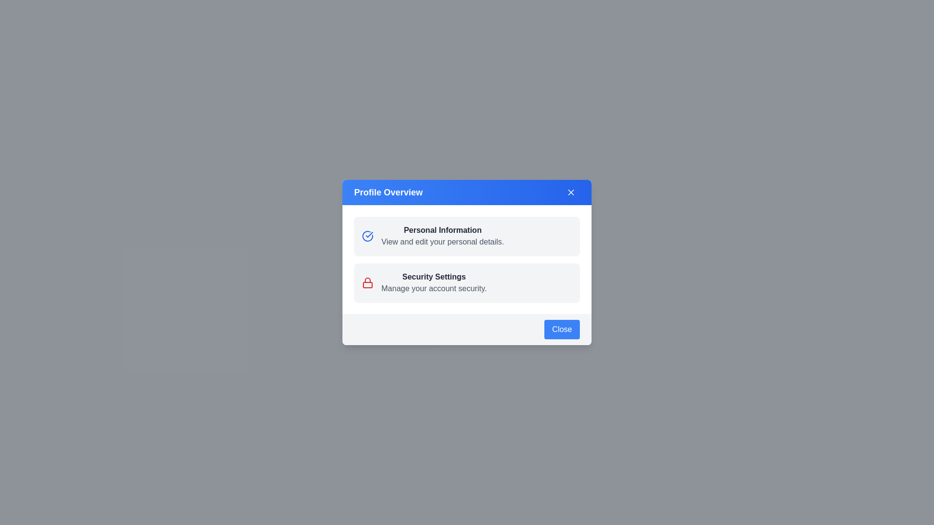 The height and width of the screenshot is (525, 934). Describe the element at coordinates (388, 192) in the screenshot. I see `the title text 'Profile Overview' in the dialog header` at that location.